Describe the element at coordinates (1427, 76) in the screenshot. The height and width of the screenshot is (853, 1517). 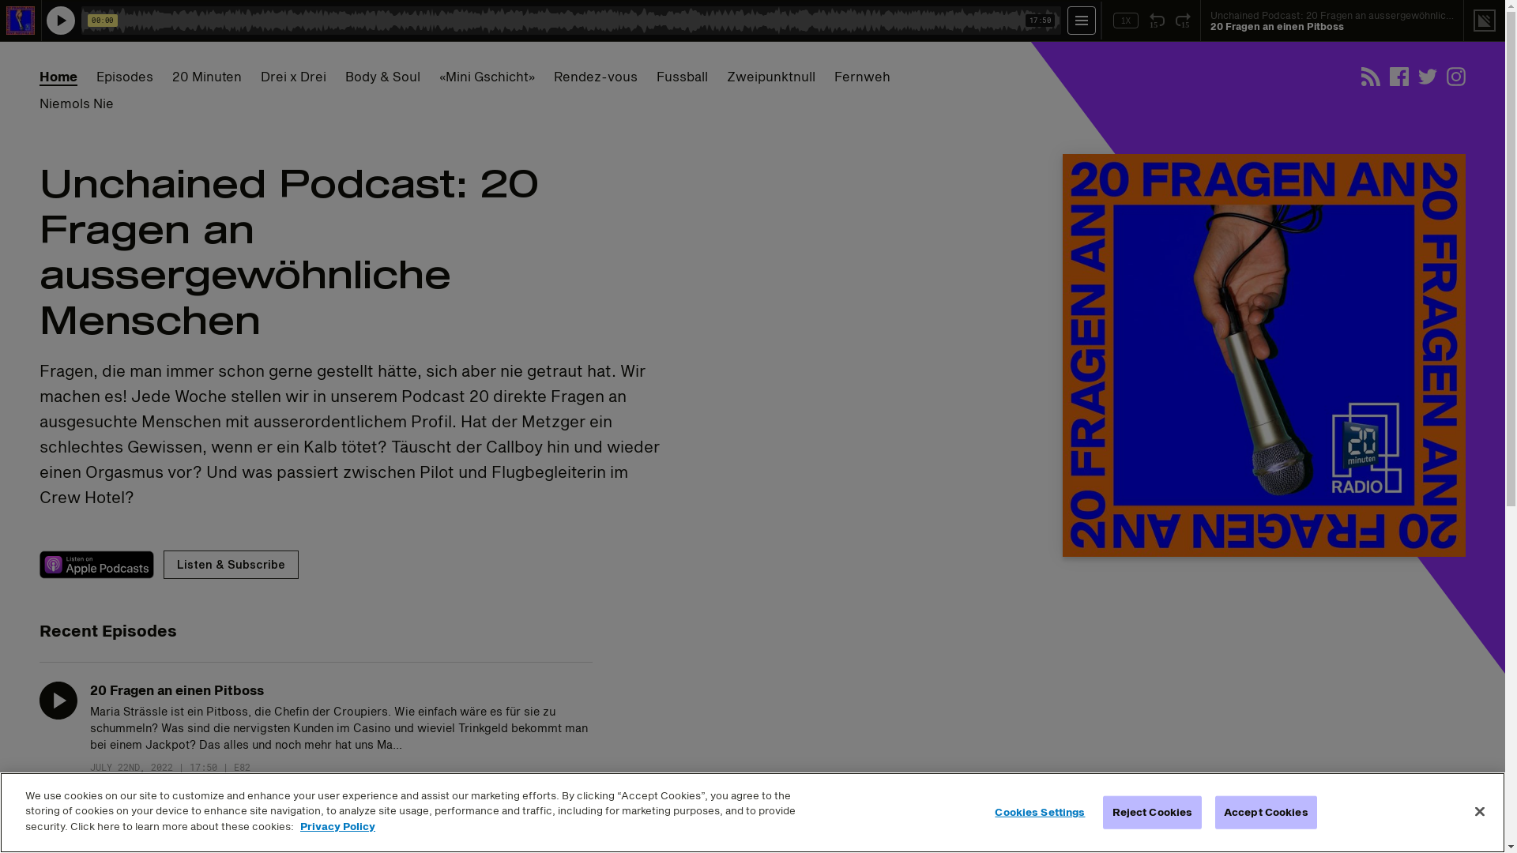
I see `'Twitter'` at that location.